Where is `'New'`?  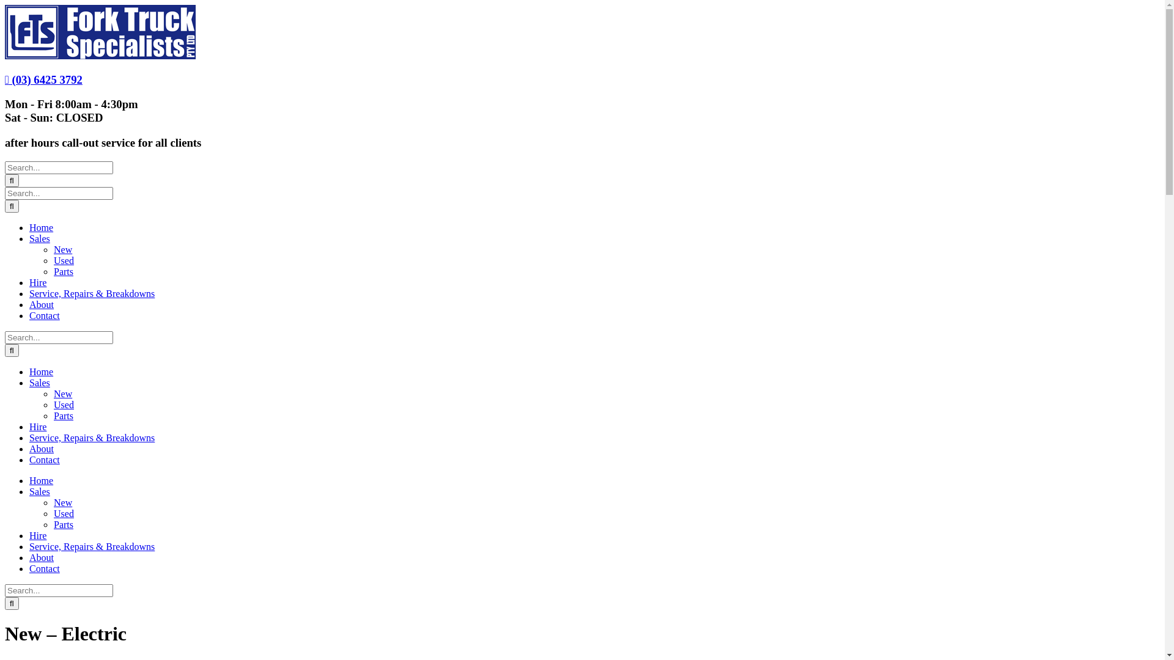 'New' is located at coordinates (62, 502).